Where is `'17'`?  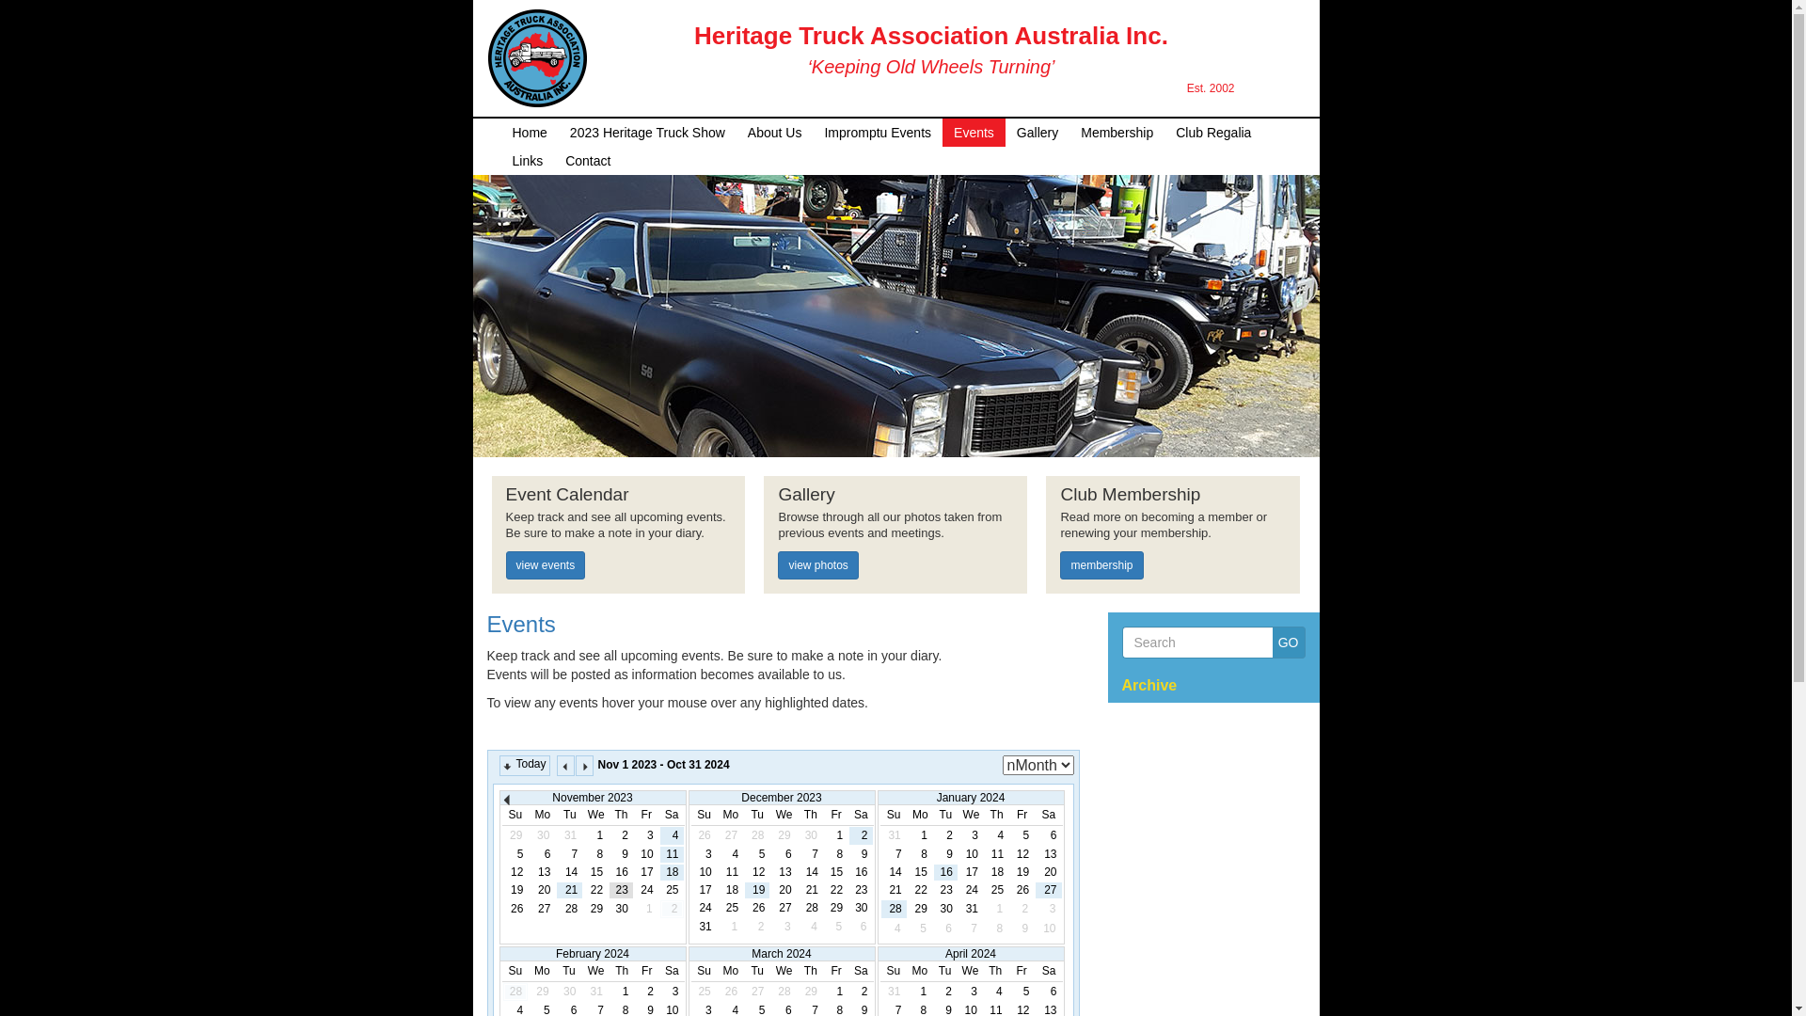
'17' is located at coordinates (636, 872).